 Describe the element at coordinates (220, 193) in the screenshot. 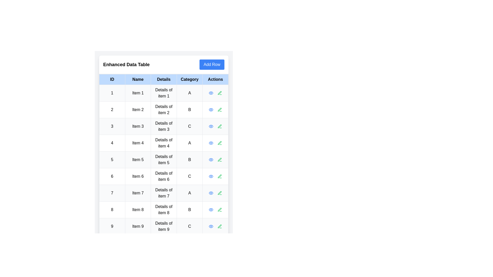

I see `the edit icon, which is a pen or pencil styled button located in the 'Actions' column of the table row for 'Item 7', positioned to the right of the 'view' icon` at that location.